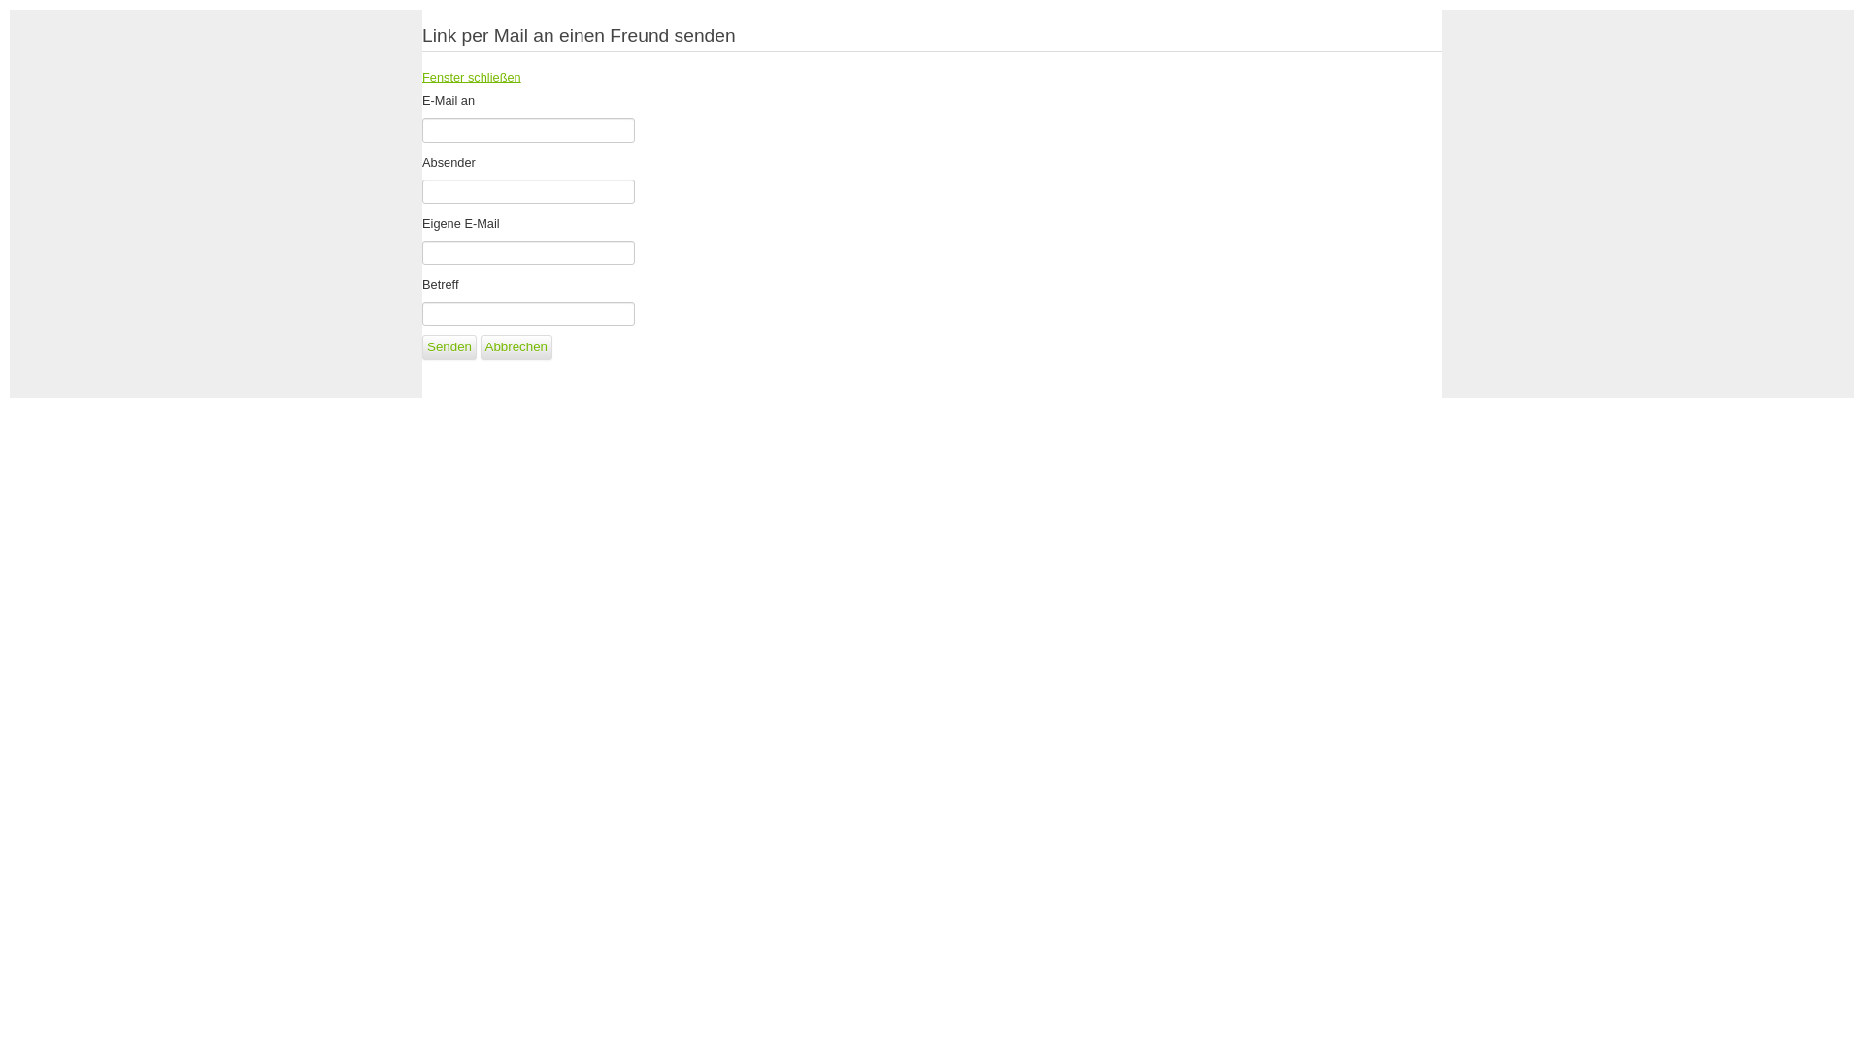  I want to click on 'Abbrechen', so click(516, 346).